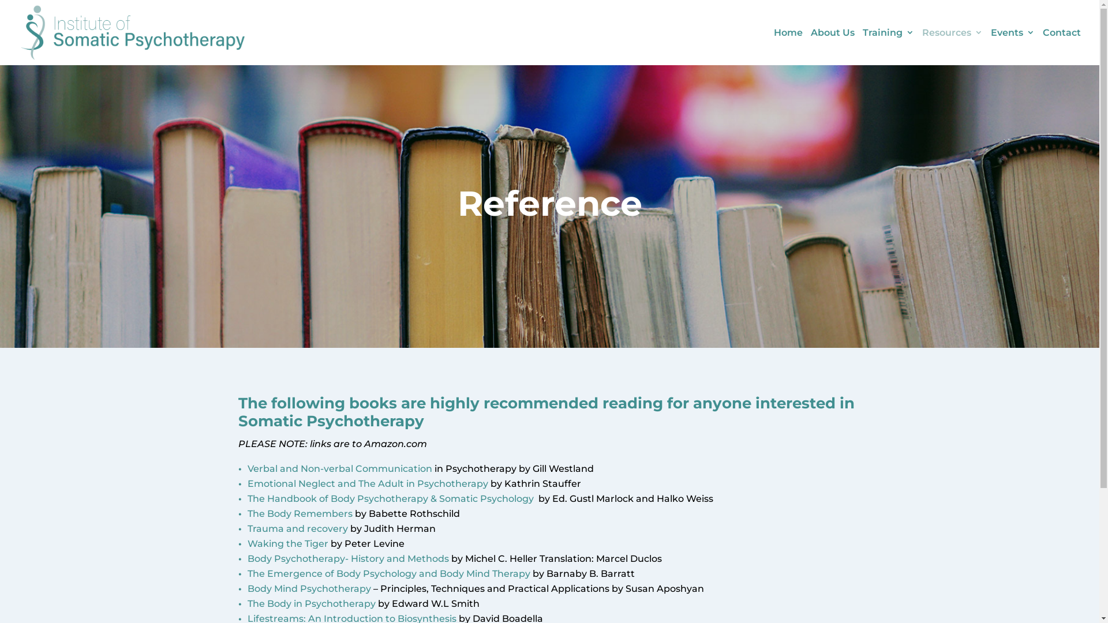 The width and height of the screenshot is (1108, 623). Describe the element at coordinates (246, 543) in the screenshot. I see `'Waking the Tiger'` at that location.